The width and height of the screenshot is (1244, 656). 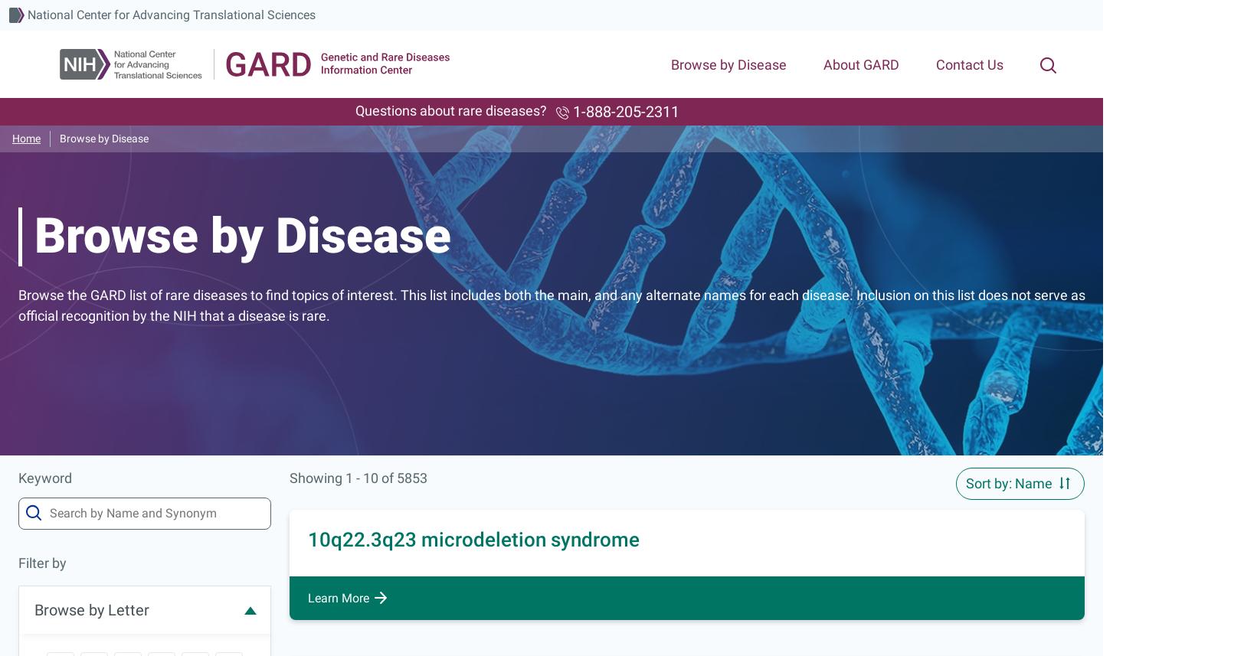 What do you see at coordinates (552, 304) in the screenshot?
I see `'Browse the GARD list of rare diseases to find topics of interest. This list includes both the main, and any alternate names for each disease. Inclusion on this list does not serve as official recognition by the NIH that a disease is rare.'` at bounding box center [552, 304].